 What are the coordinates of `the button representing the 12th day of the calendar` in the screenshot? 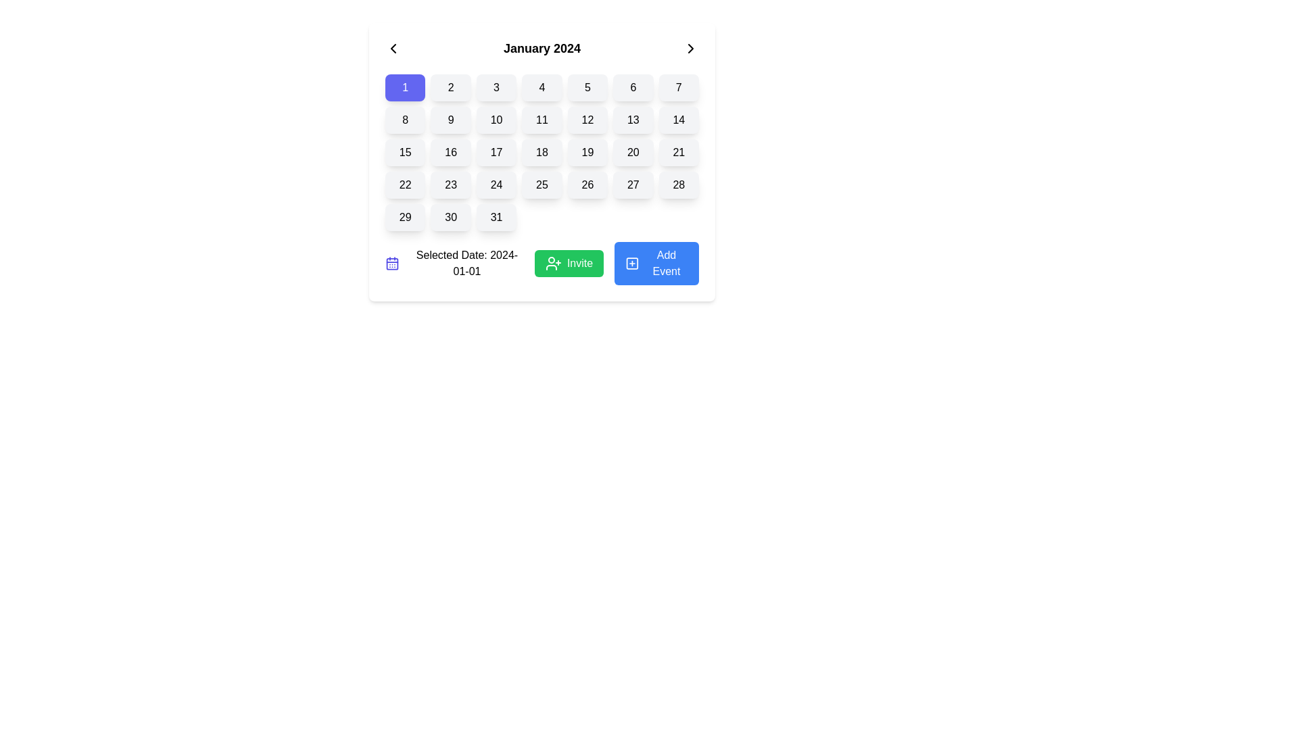 It's located at (587, 119).